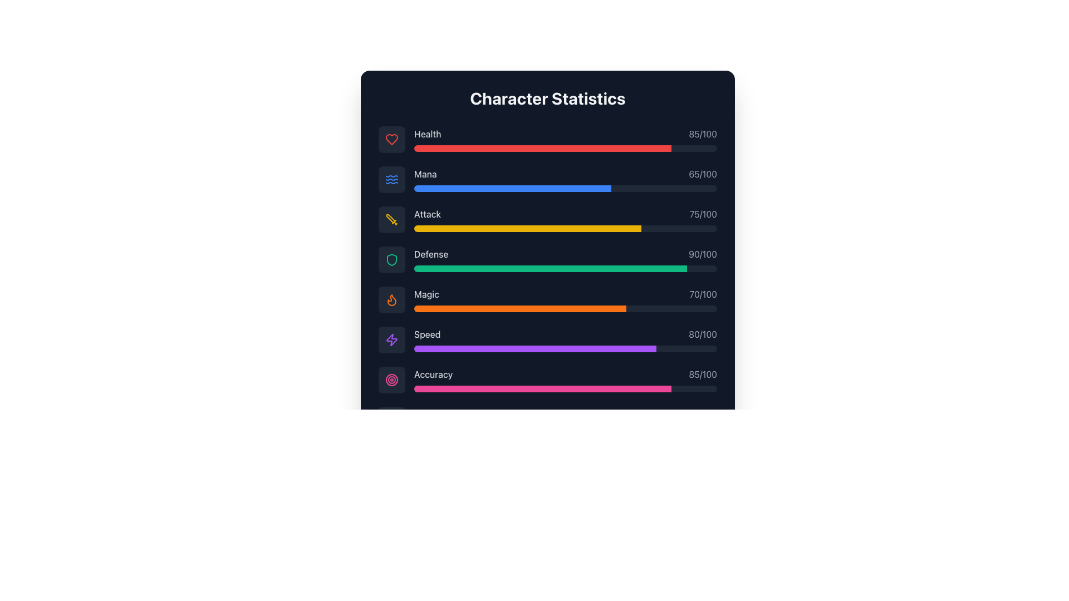 This screenshot has height=601, width=1069. I want to click on the Icon button representing the 'Defense' attribute in the fourth row of the sidebar, so click(392, 259).